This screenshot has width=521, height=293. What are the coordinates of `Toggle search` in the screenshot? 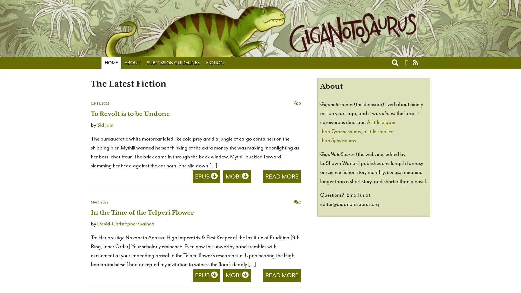 It's located at (392, 62).